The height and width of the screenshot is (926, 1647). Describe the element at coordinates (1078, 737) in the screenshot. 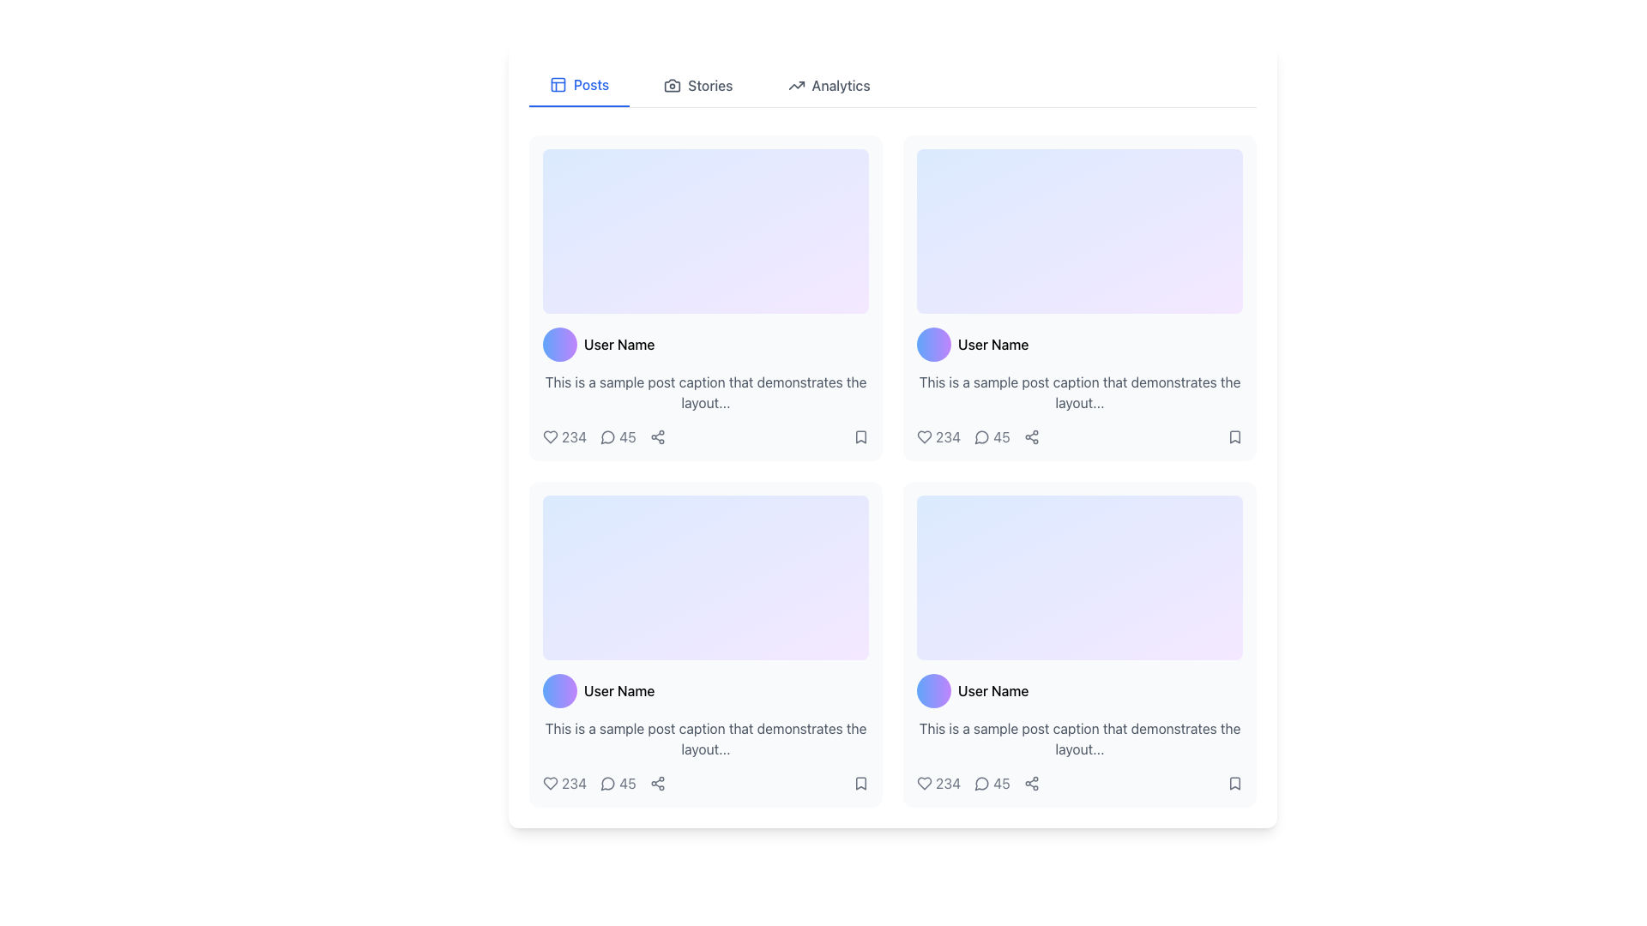

I see `the text block containing the caption 'This is a sample post caption that demonstrates the layout...' located in the bottom row, rightmost column of a card layout, positioned between the 'User Name' label above and interaction counters below` at that location.